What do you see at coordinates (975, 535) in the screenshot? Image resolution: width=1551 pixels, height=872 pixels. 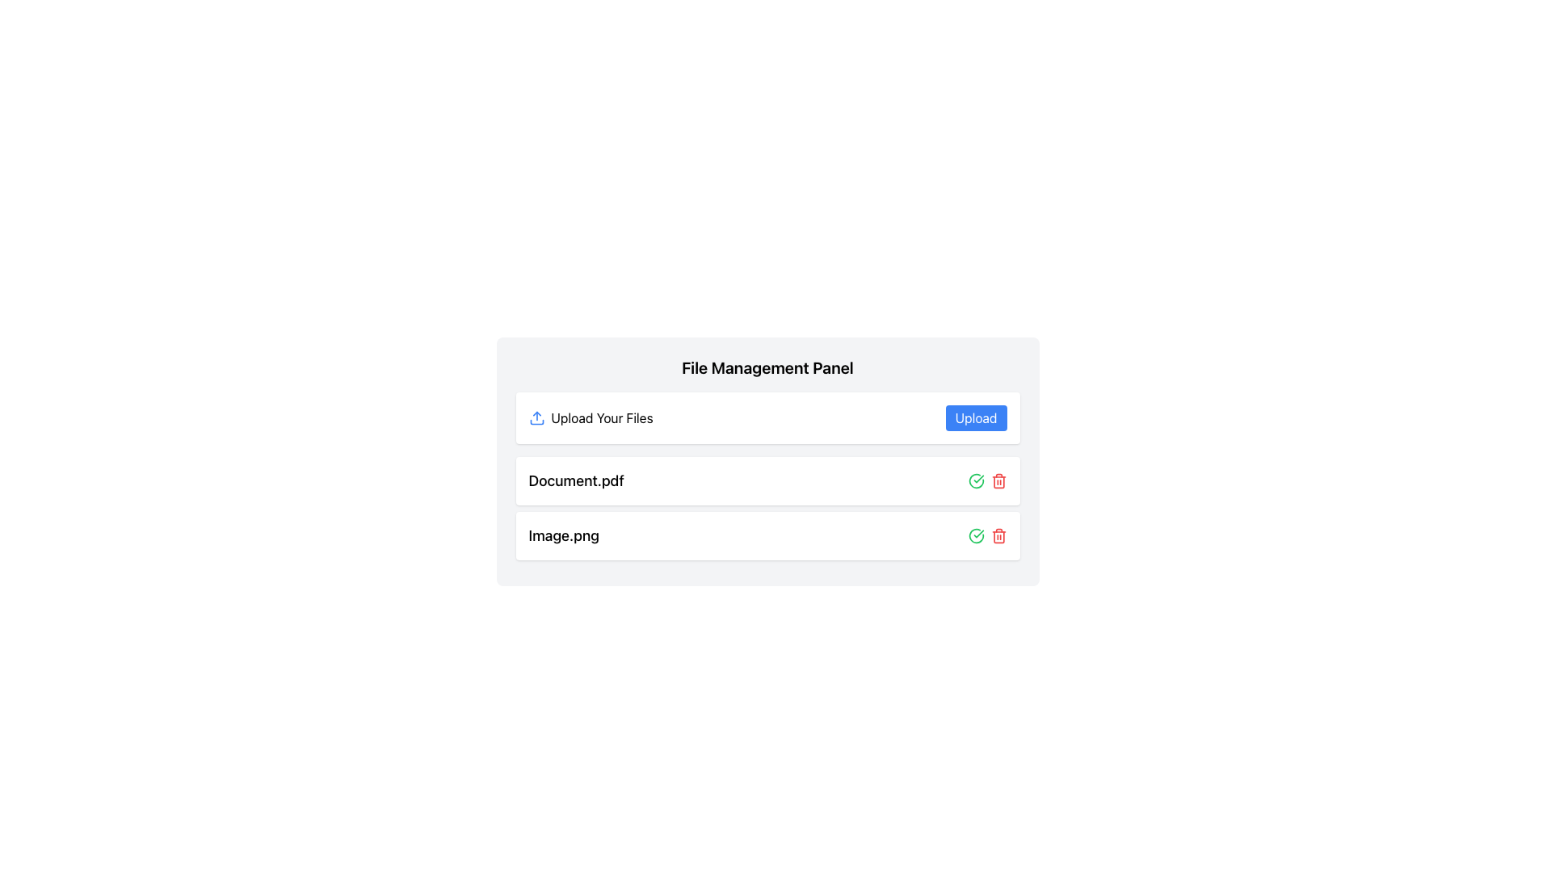 I see `the status indicator icon for the file 'Image.png', which is the first small icon positioned to the right of the text in the file management interface` at bounding box center [975, 535].